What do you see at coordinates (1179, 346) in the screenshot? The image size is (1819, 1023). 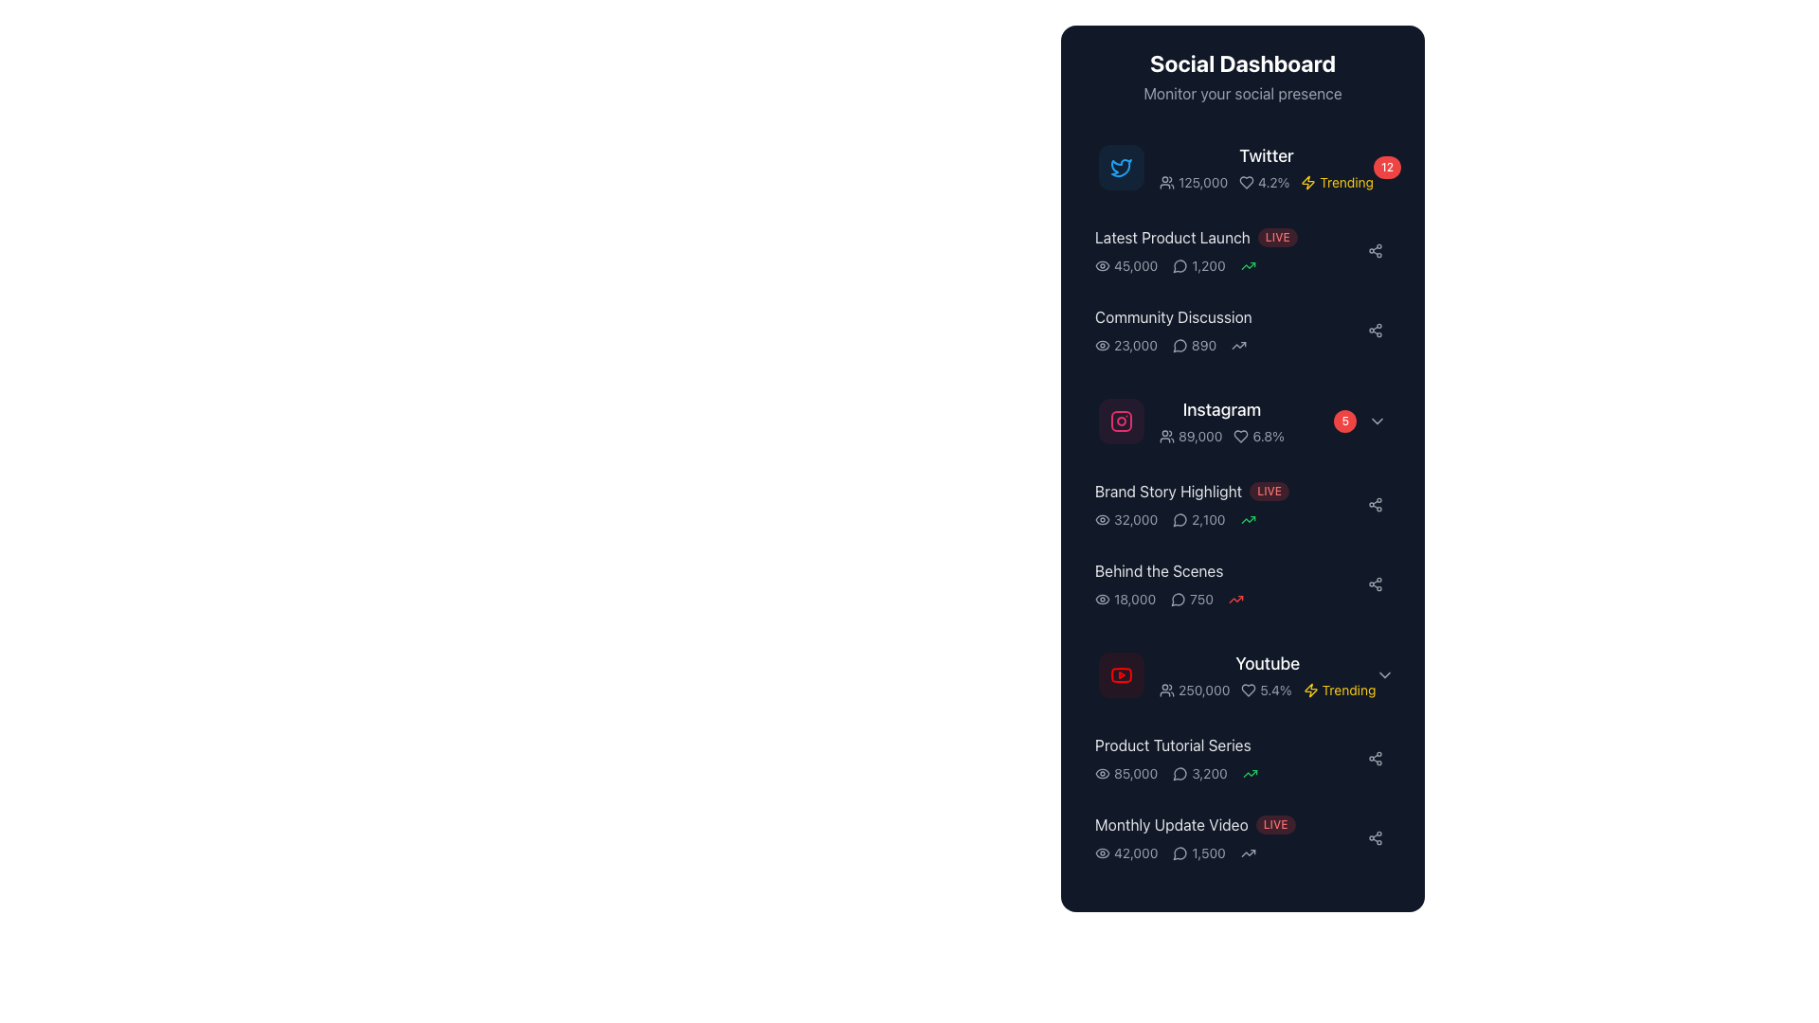 I see `the speech bubble icon representing a message or comment located next to the value '890' in the 'Community Discussion' section on the third row of the dashboard` at bounding box center [1179, 346].